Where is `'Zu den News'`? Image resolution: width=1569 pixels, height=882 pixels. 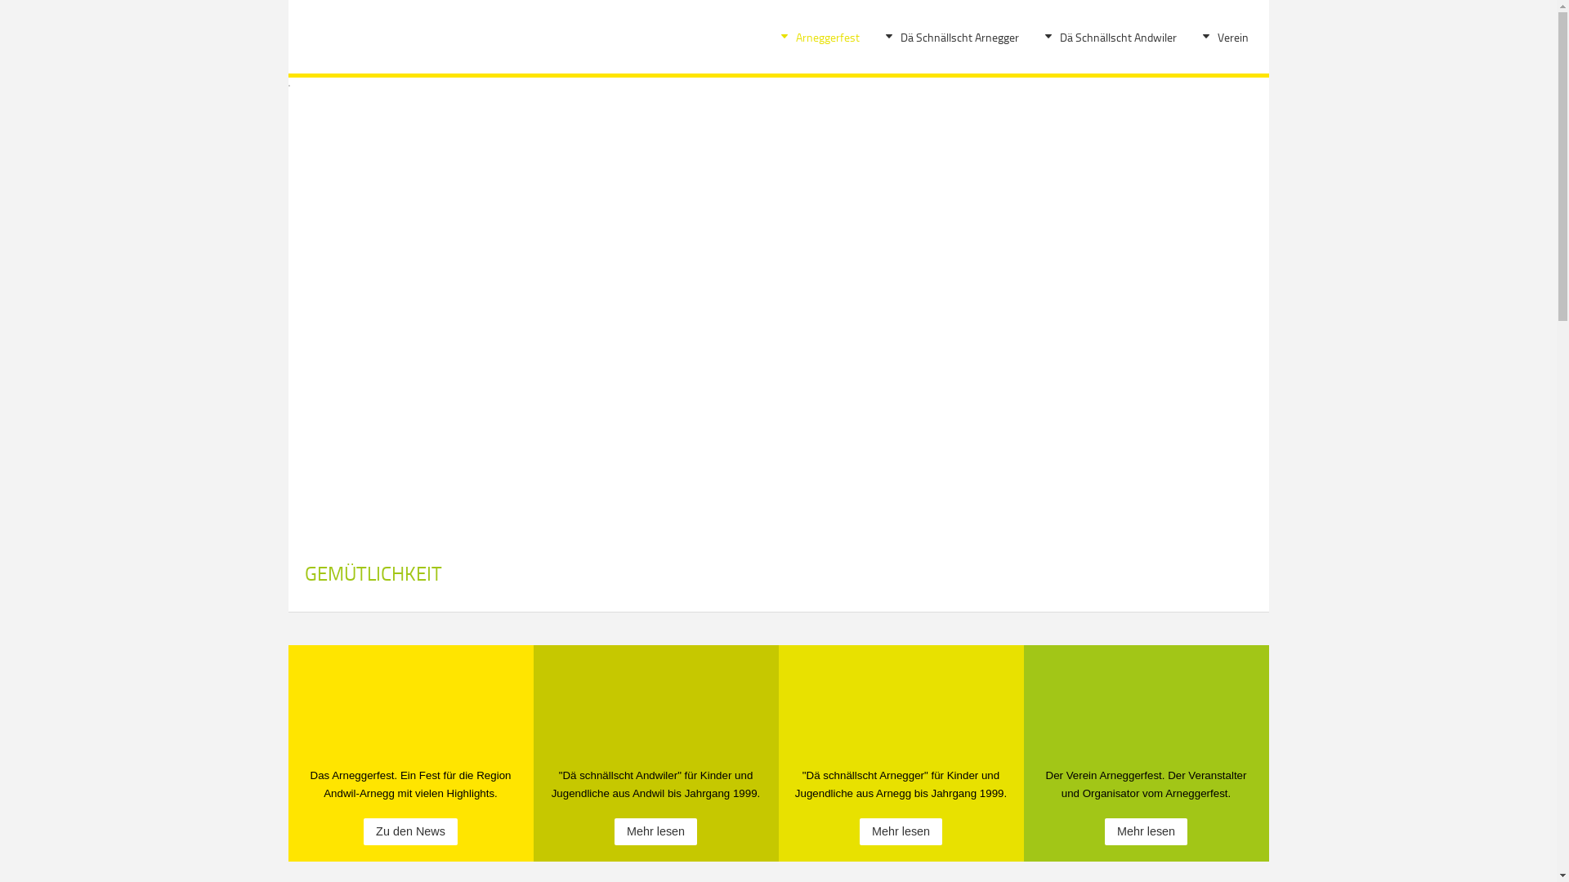 'Zu den News' is located at coordinates (410, 831).